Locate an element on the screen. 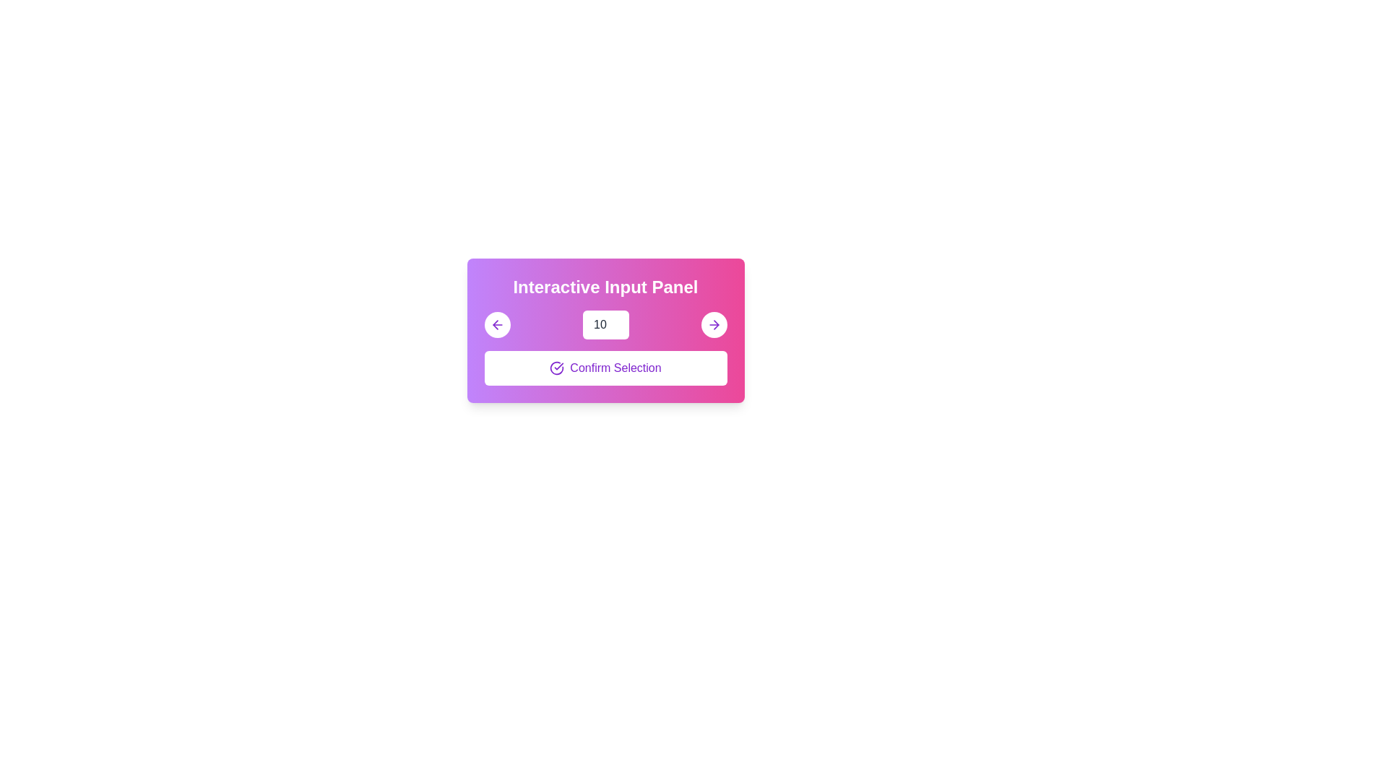 The width and height of the screenshot is (1387, 780). the Number input field located in the Interactive Input Panel to focus and edit the number value preset to '10' is located at coordinates (605, 325).